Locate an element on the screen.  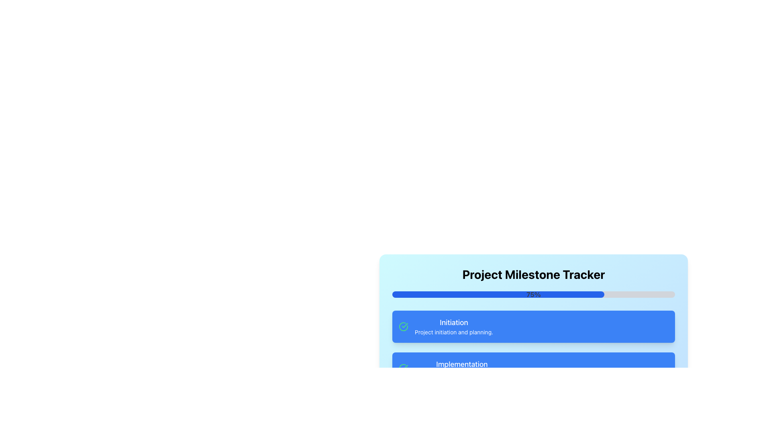
the green checkmark icon indicating project initiation status, located at the left end of the 'Initiation' row is located at coordinates (403, 327).